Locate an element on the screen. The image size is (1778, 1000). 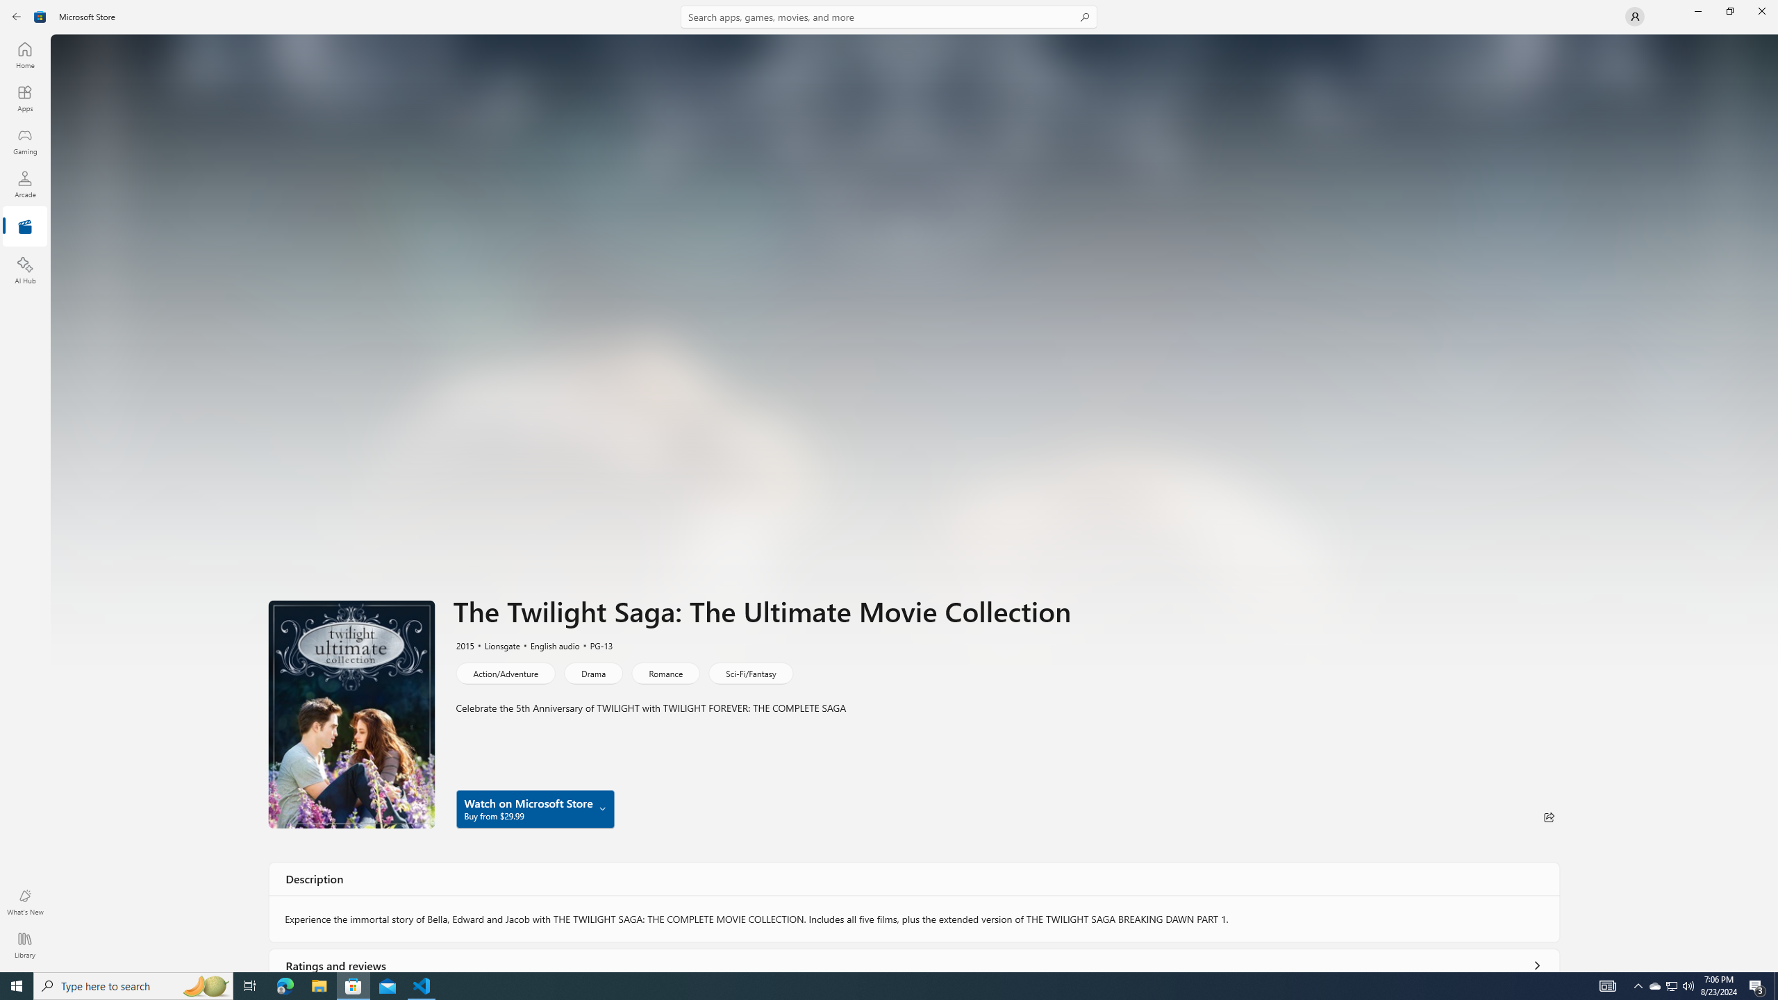
'Back' is located at coordinates (17, 15).